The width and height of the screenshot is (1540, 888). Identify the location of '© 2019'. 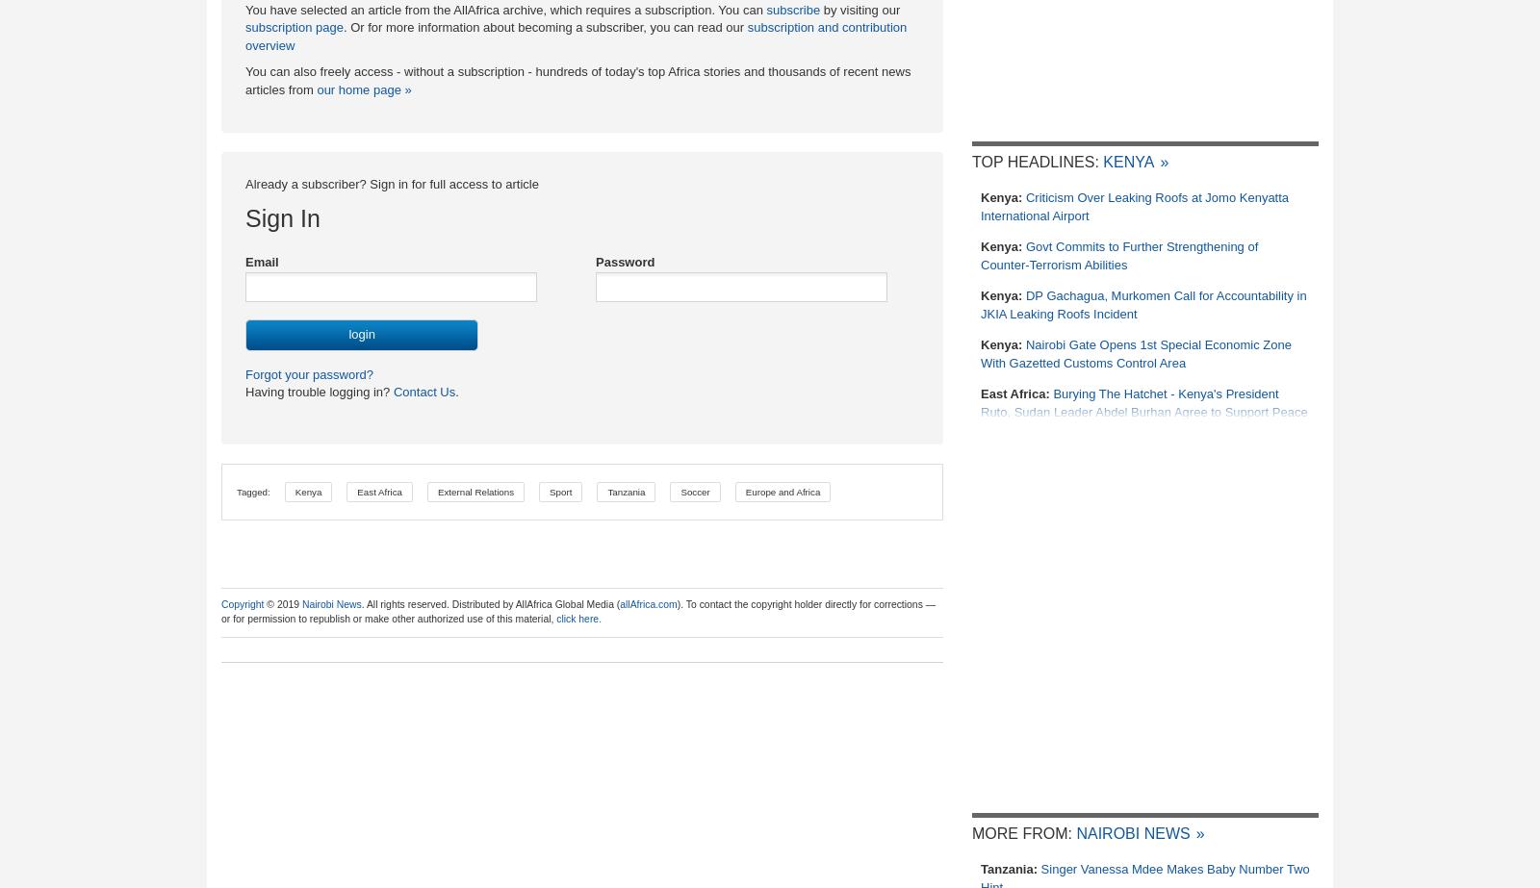
(264, 603).